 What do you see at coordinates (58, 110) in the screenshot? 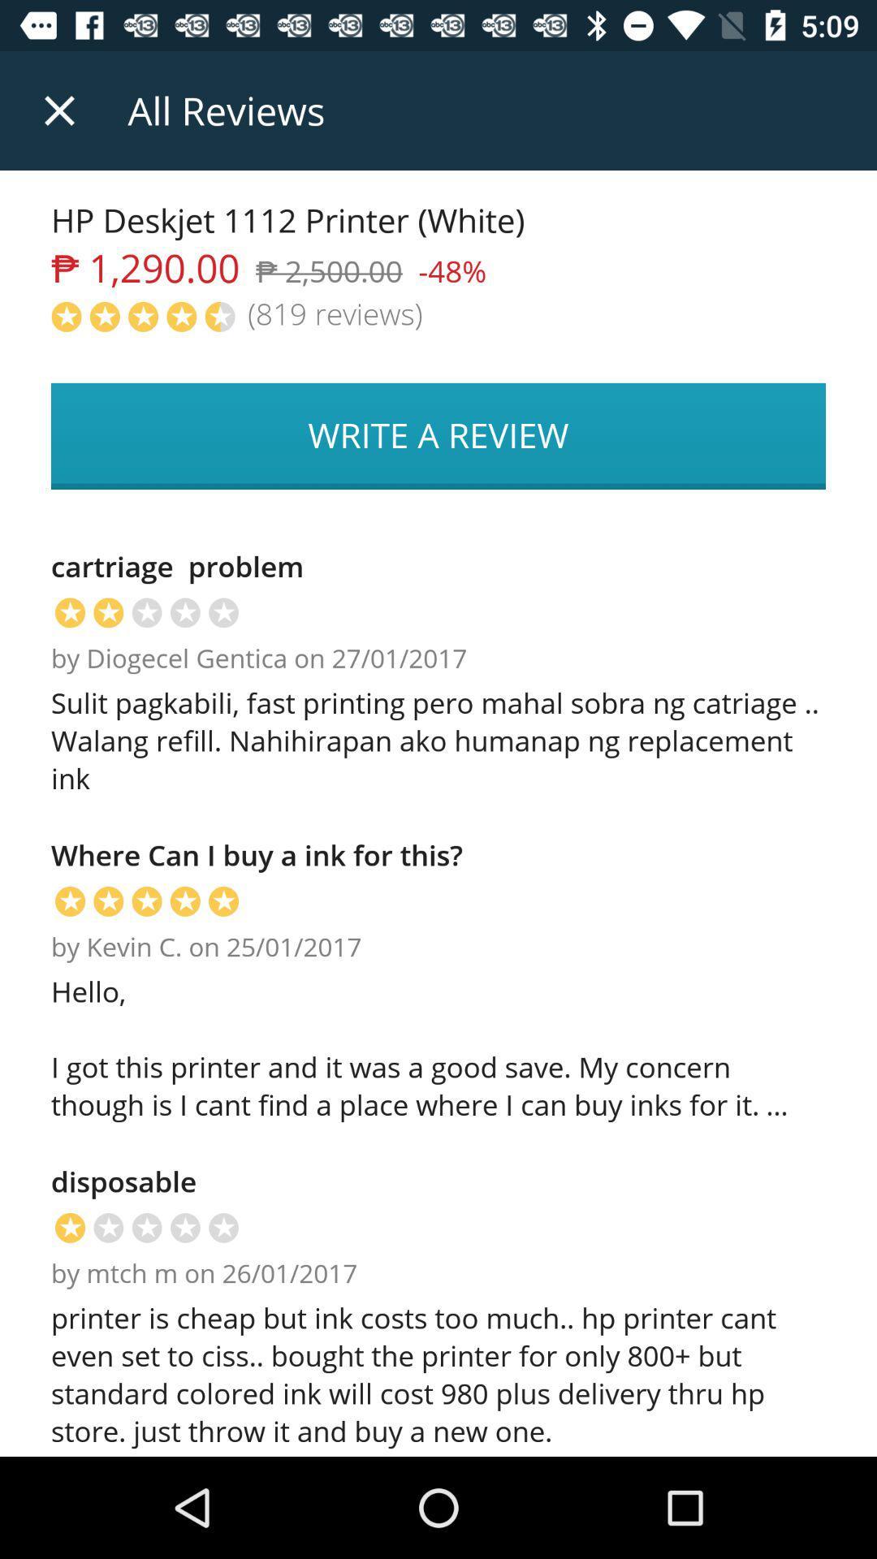
I see `item above the hp deskjet 1112` at bounding box center [58, 110].